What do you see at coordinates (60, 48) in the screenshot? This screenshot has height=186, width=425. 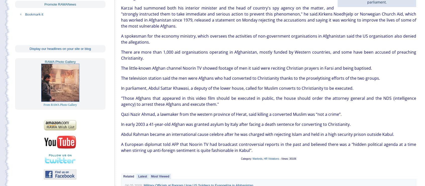 I see `'Display our headlines on your site or blog'` at bounding box center [60, 48].